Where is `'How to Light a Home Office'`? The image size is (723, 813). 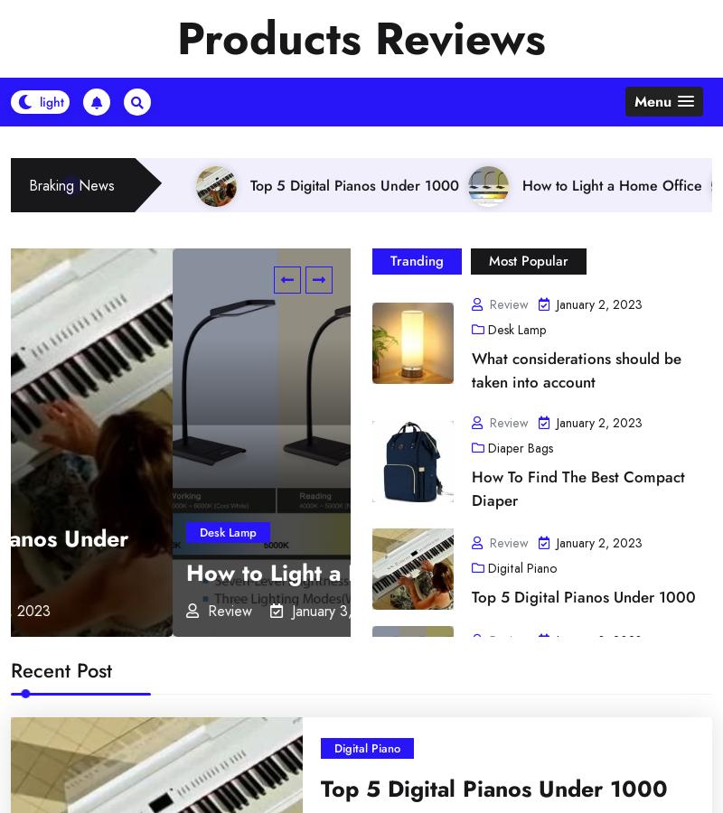
'How to Light a Home Office' is located at coordinates (468, 331).